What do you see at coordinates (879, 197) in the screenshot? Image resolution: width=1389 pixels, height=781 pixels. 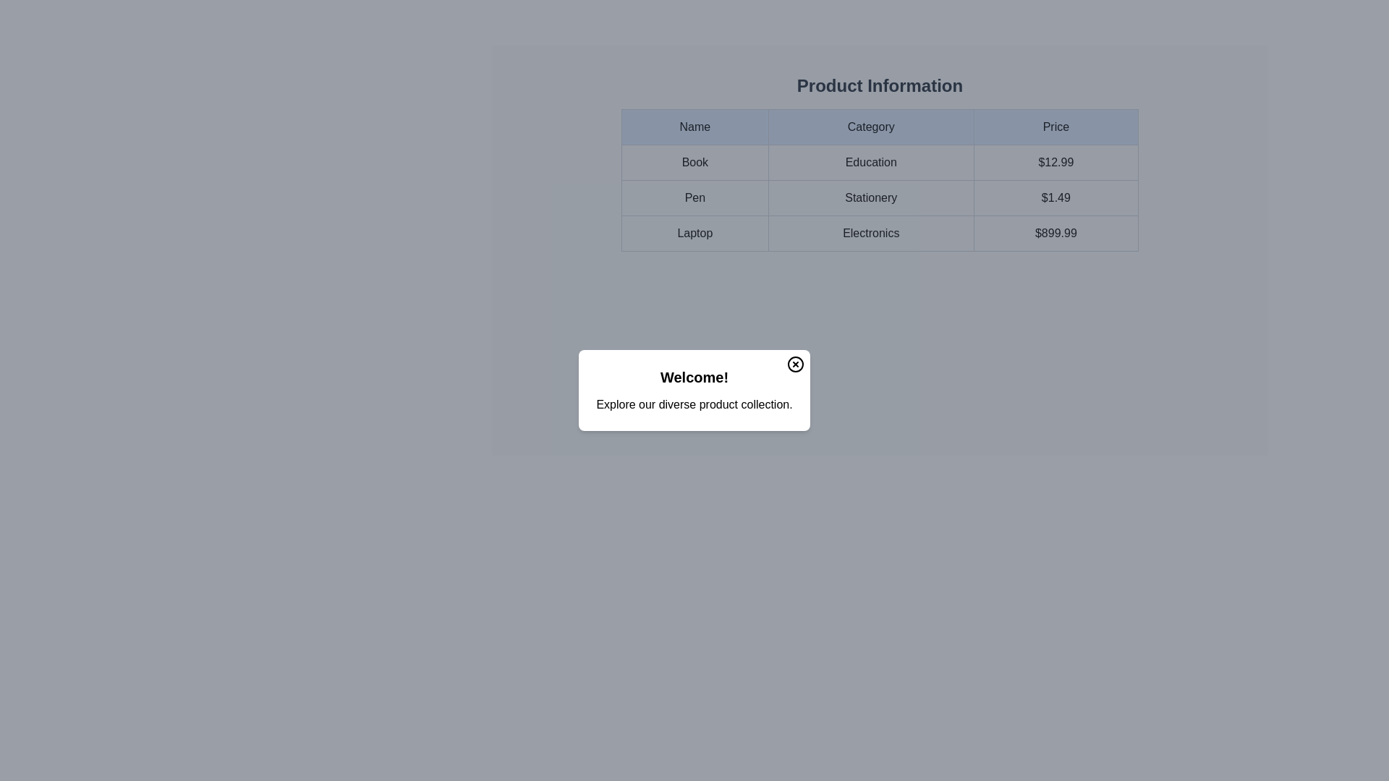 I see `text 'Stationery' located in the 'Category' column of the table under the row labeled 'Pen'` at bounding box center [879, 197].